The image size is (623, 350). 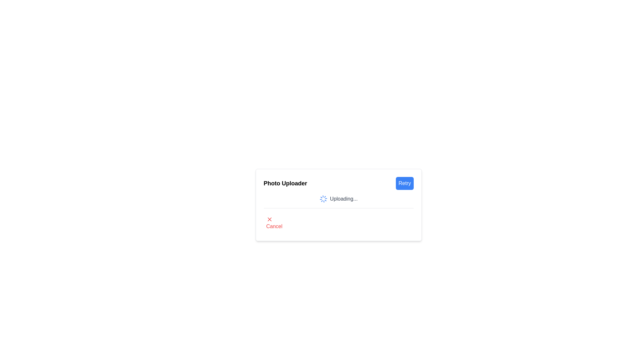 I want to click on the red 'X' icon located in the bottom-left region of the 'Photo Uploader' popup, so click(x=269, y=219).